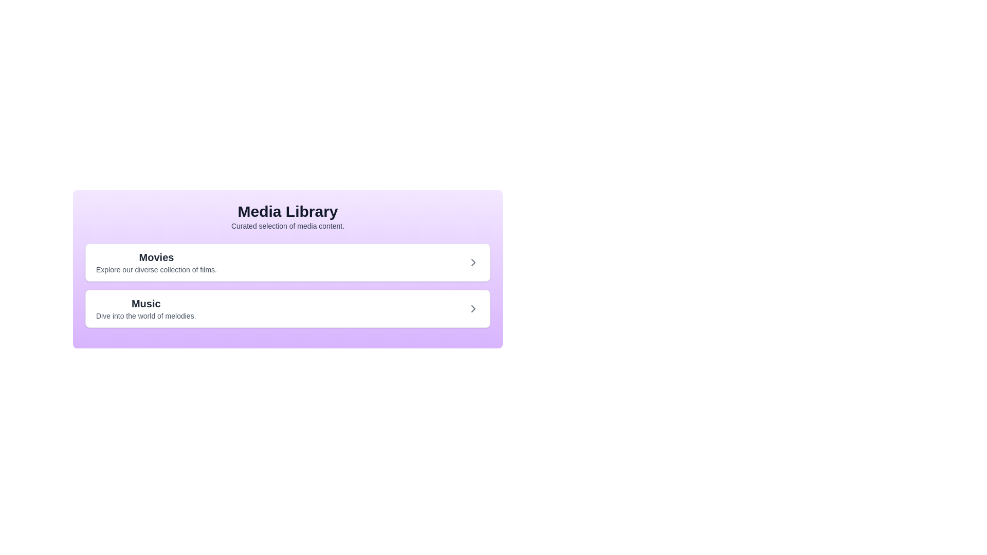 The image size is (987, 555). Describe the element at coordinates (156, 257) in the screenshot. I see `the text label located at the top of a rectangular white section with a light purple background, which serves as the title indicating the primary content of the section` at that location.